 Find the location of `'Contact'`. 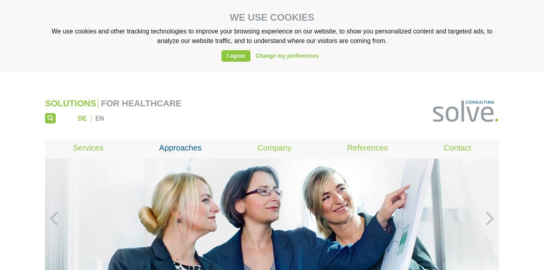

'Contact' is located at coordinates (457, 147).